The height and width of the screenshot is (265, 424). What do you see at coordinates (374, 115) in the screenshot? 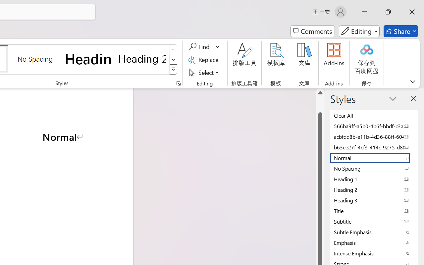
I see `'Clear All'` at bounding box center [374, 115].